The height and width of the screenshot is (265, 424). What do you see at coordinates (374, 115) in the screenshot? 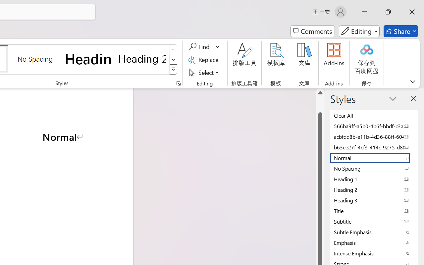
I see `'Clear All'` at bounding box center [374, 115].